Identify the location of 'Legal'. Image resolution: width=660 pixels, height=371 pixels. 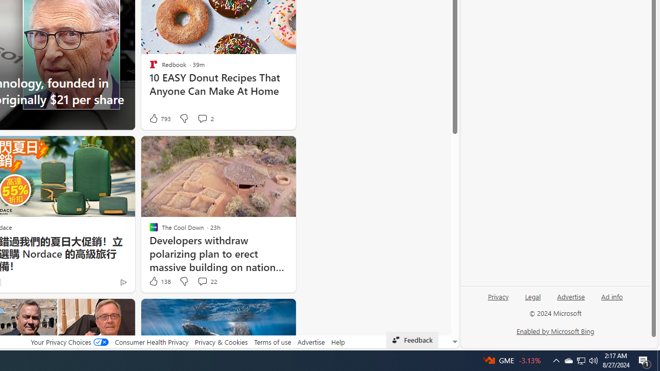
(533, 300).